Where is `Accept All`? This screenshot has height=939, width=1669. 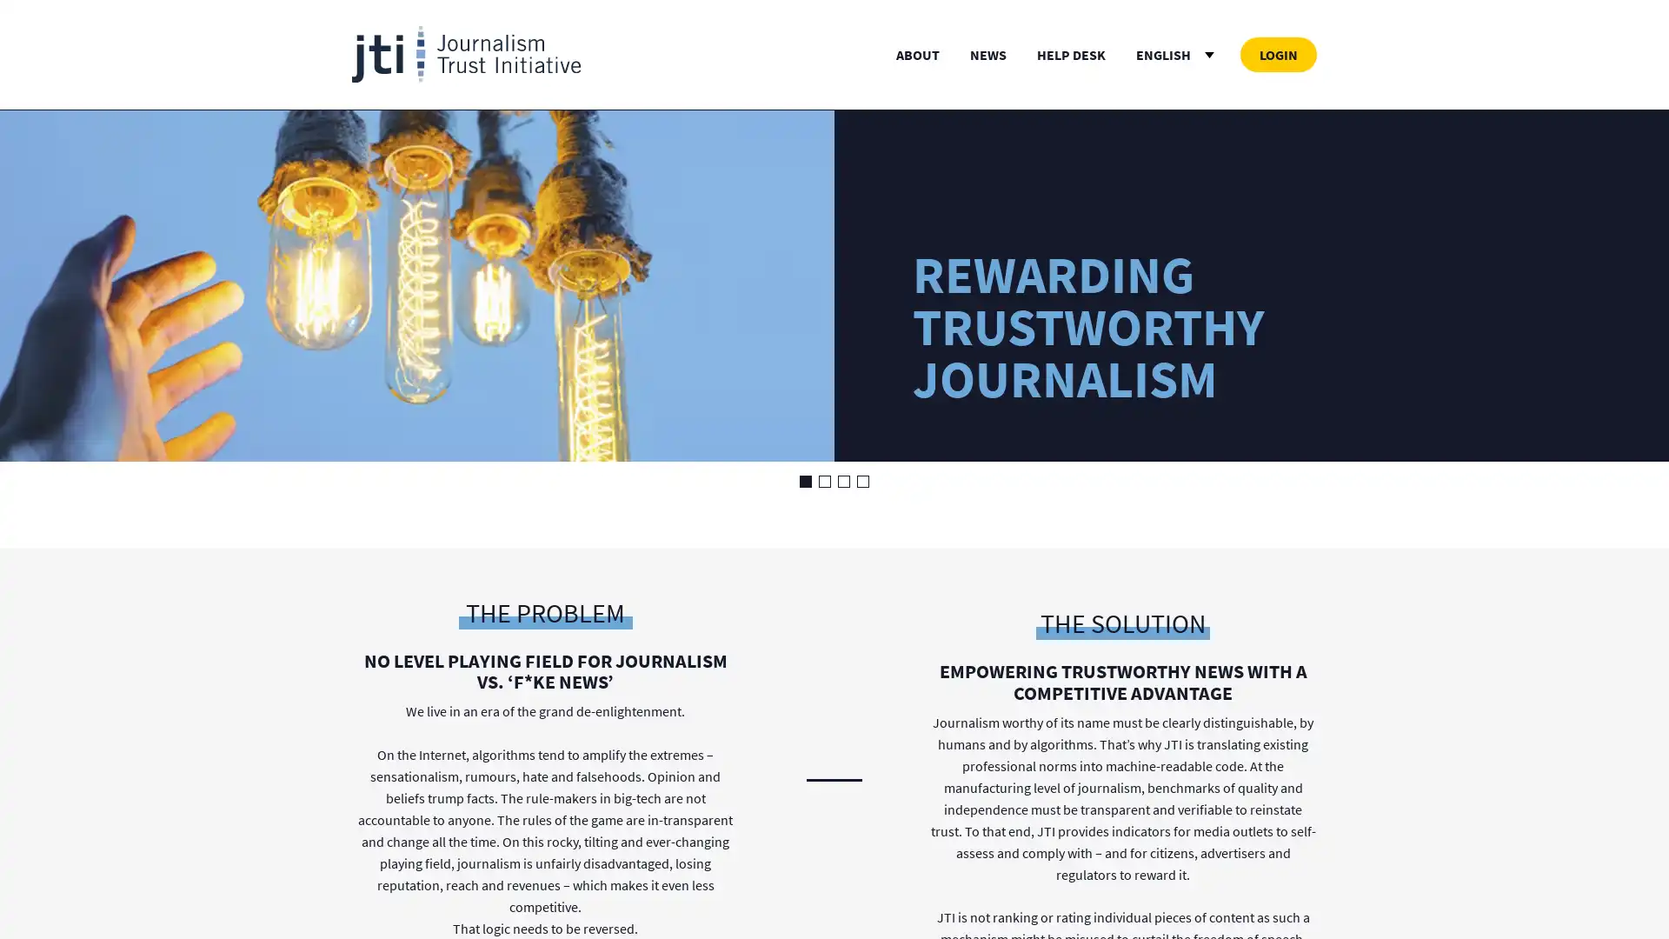 Accept All is located at coordinates (1005, 569).